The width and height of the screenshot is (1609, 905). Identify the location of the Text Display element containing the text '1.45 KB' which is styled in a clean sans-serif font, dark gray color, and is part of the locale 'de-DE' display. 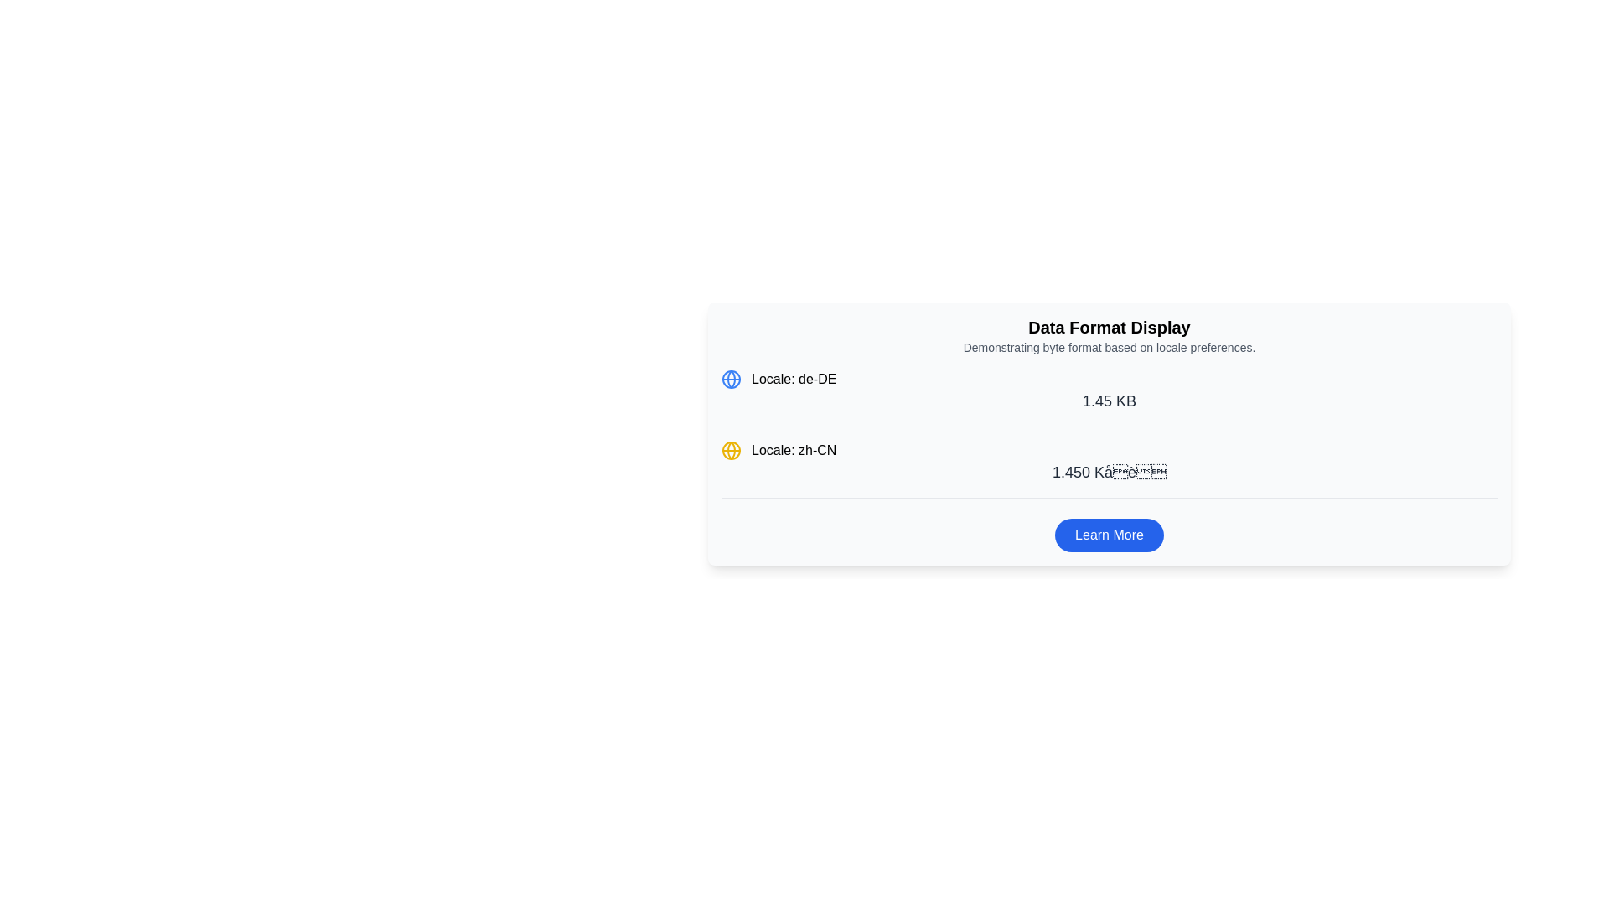
(1110, 401).